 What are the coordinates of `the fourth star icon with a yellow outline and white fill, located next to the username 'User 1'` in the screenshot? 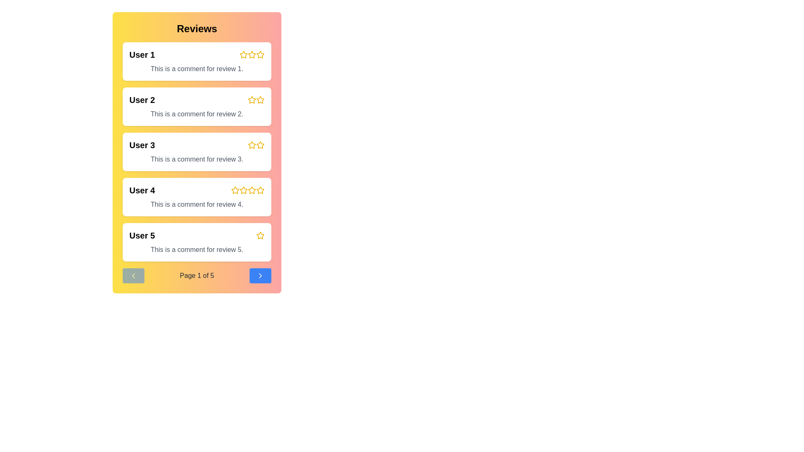 It's located at (260, 54).